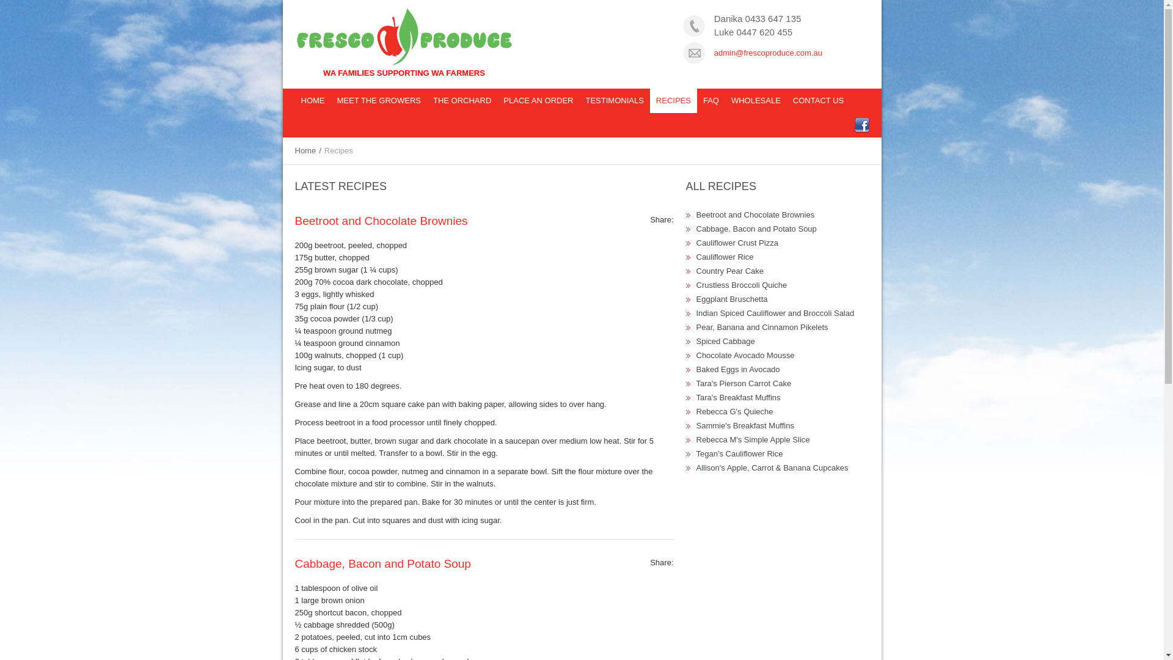  I want to click on 'RECIPES', so click(673, 100).